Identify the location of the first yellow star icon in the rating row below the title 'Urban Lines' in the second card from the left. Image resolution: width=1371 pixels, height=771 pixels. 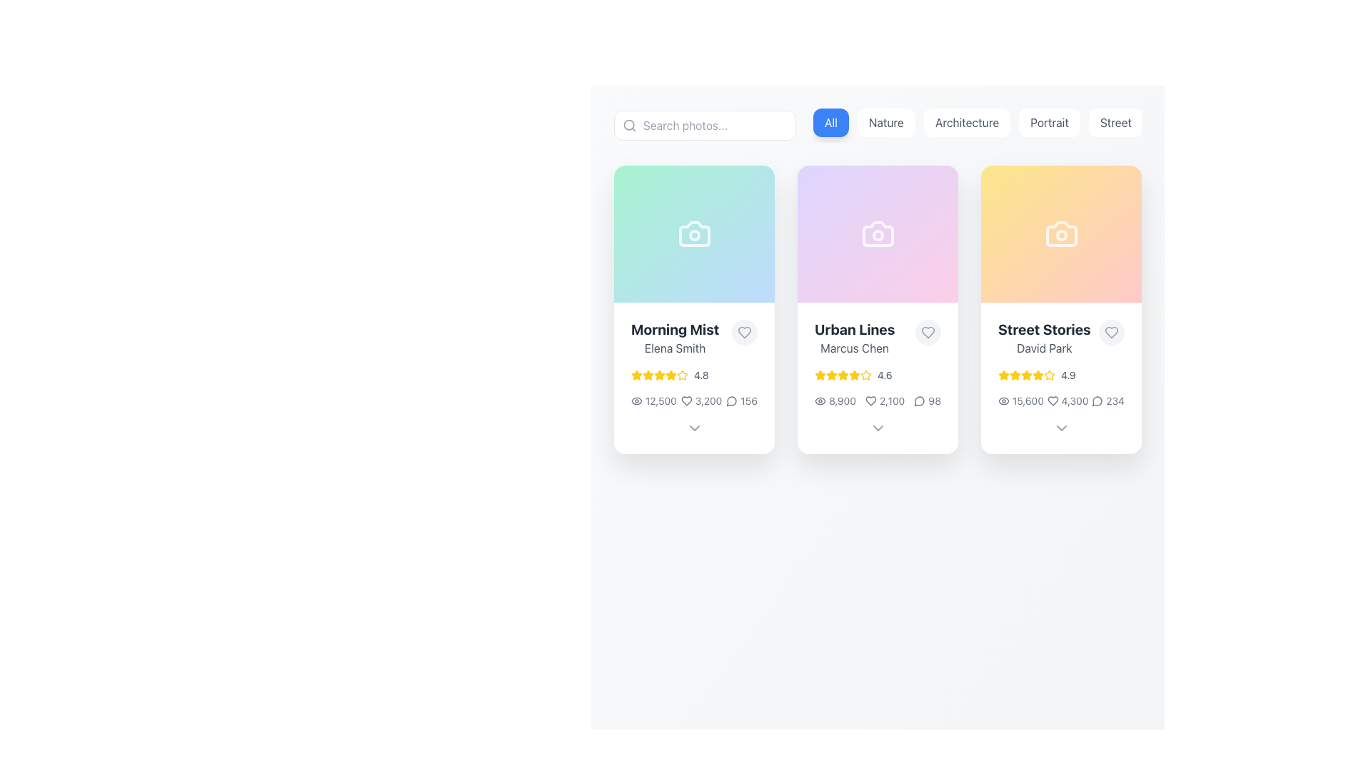
(820, 374).